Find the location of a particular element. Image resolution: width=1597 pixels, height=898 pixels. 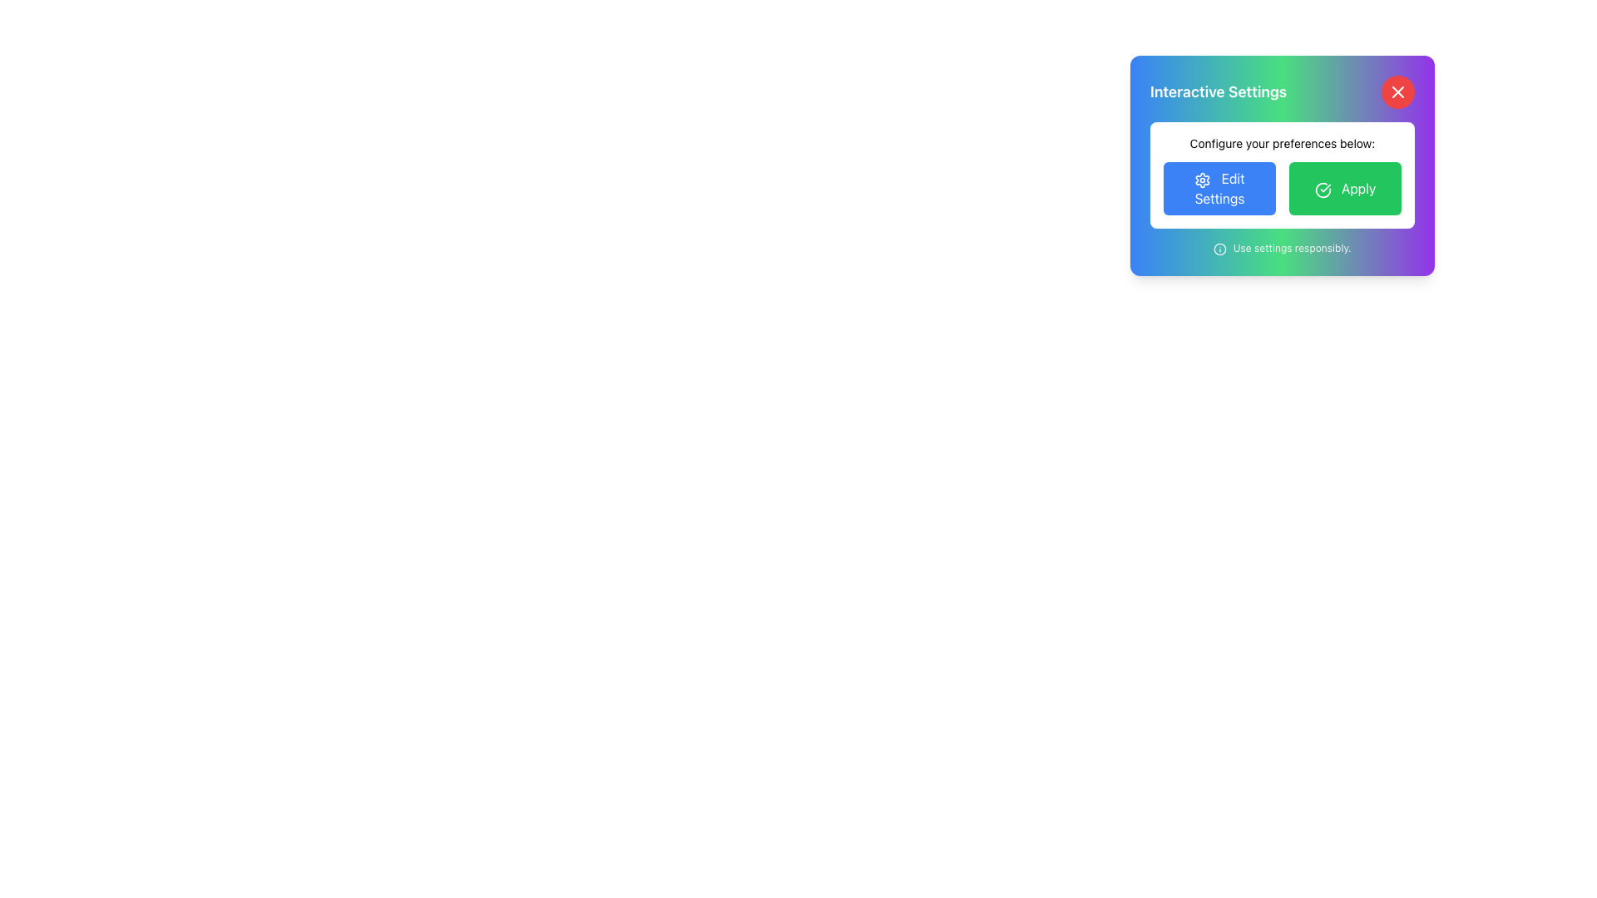

the 'Apply' icon, which is a visual indicator with a check mark located to the left of the text 'Apply' on the button at the bottom-right corner of the 'Interactive Settings' card interface is located at coordinates (1322, 189).